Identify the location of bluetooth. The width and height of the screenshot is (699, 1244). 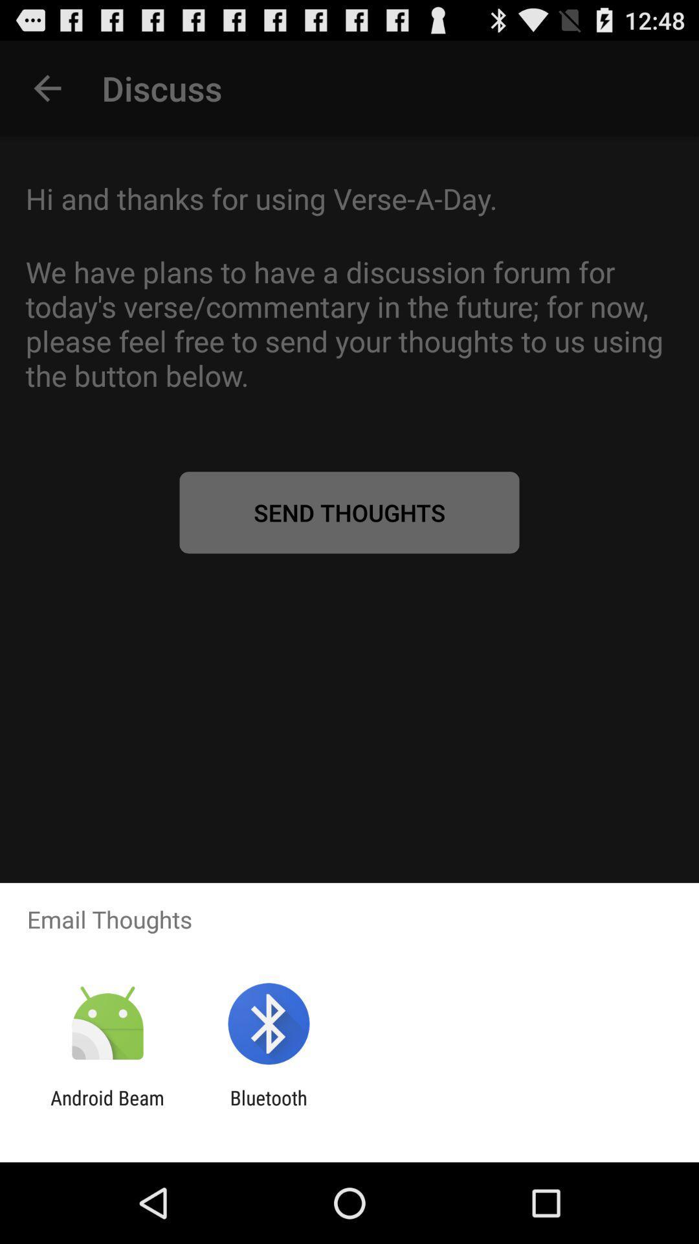
(268, 1109).